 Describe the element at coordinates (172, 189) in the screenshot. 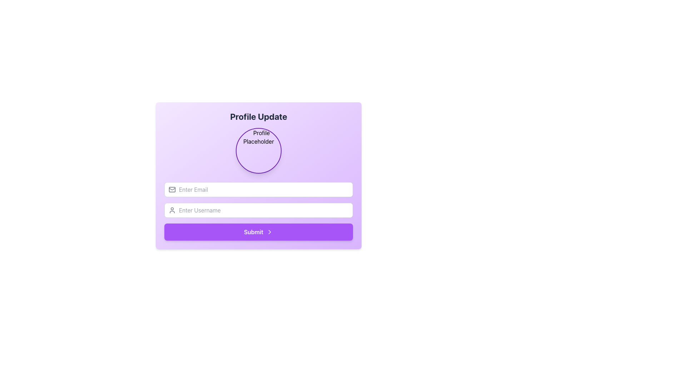

I see `the envelope body in the mail icon, which is located to the left of the 'Enter Email' text input field` at that location.